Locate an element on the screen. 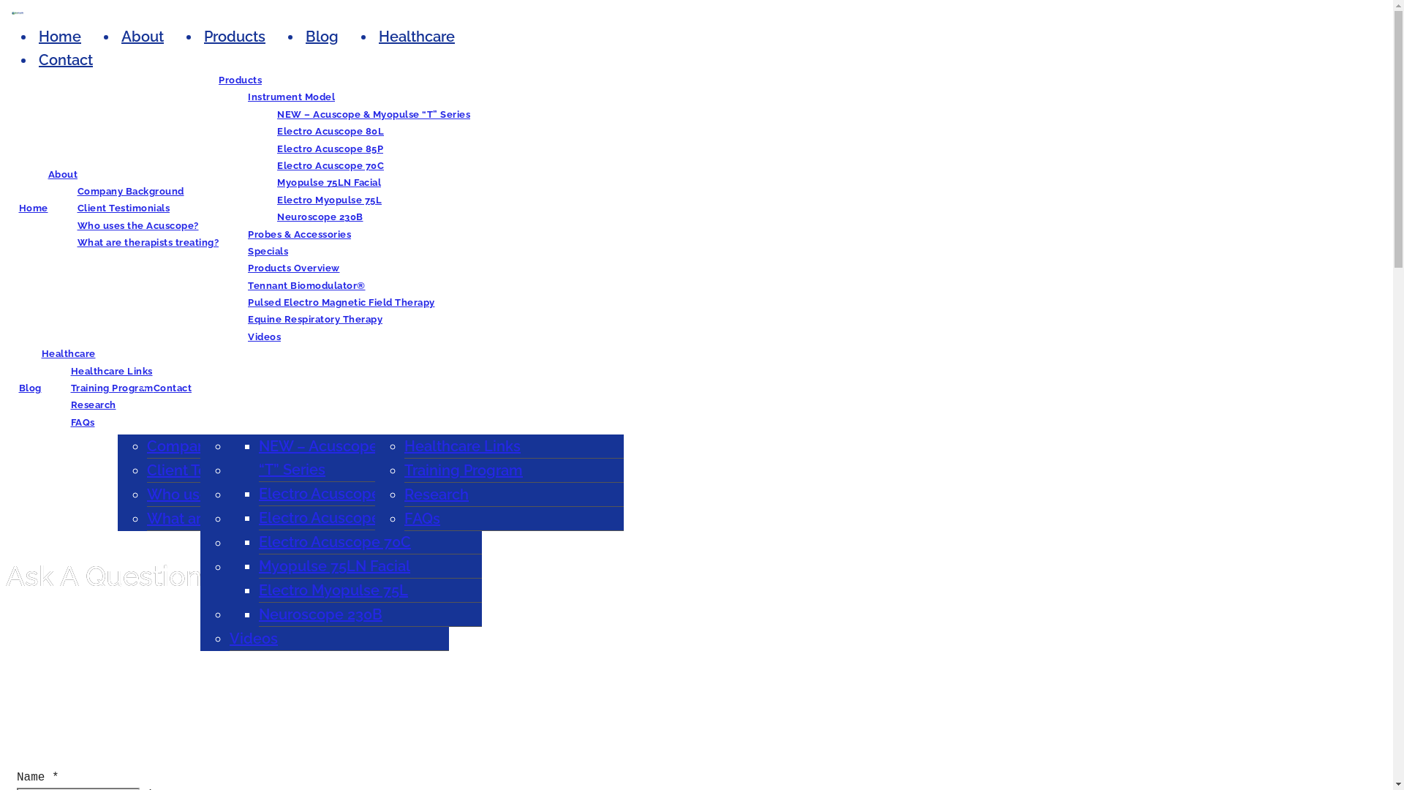 This screenshot has width=1404, height=790. 'Company Background' is located at coordinates (224, 445).